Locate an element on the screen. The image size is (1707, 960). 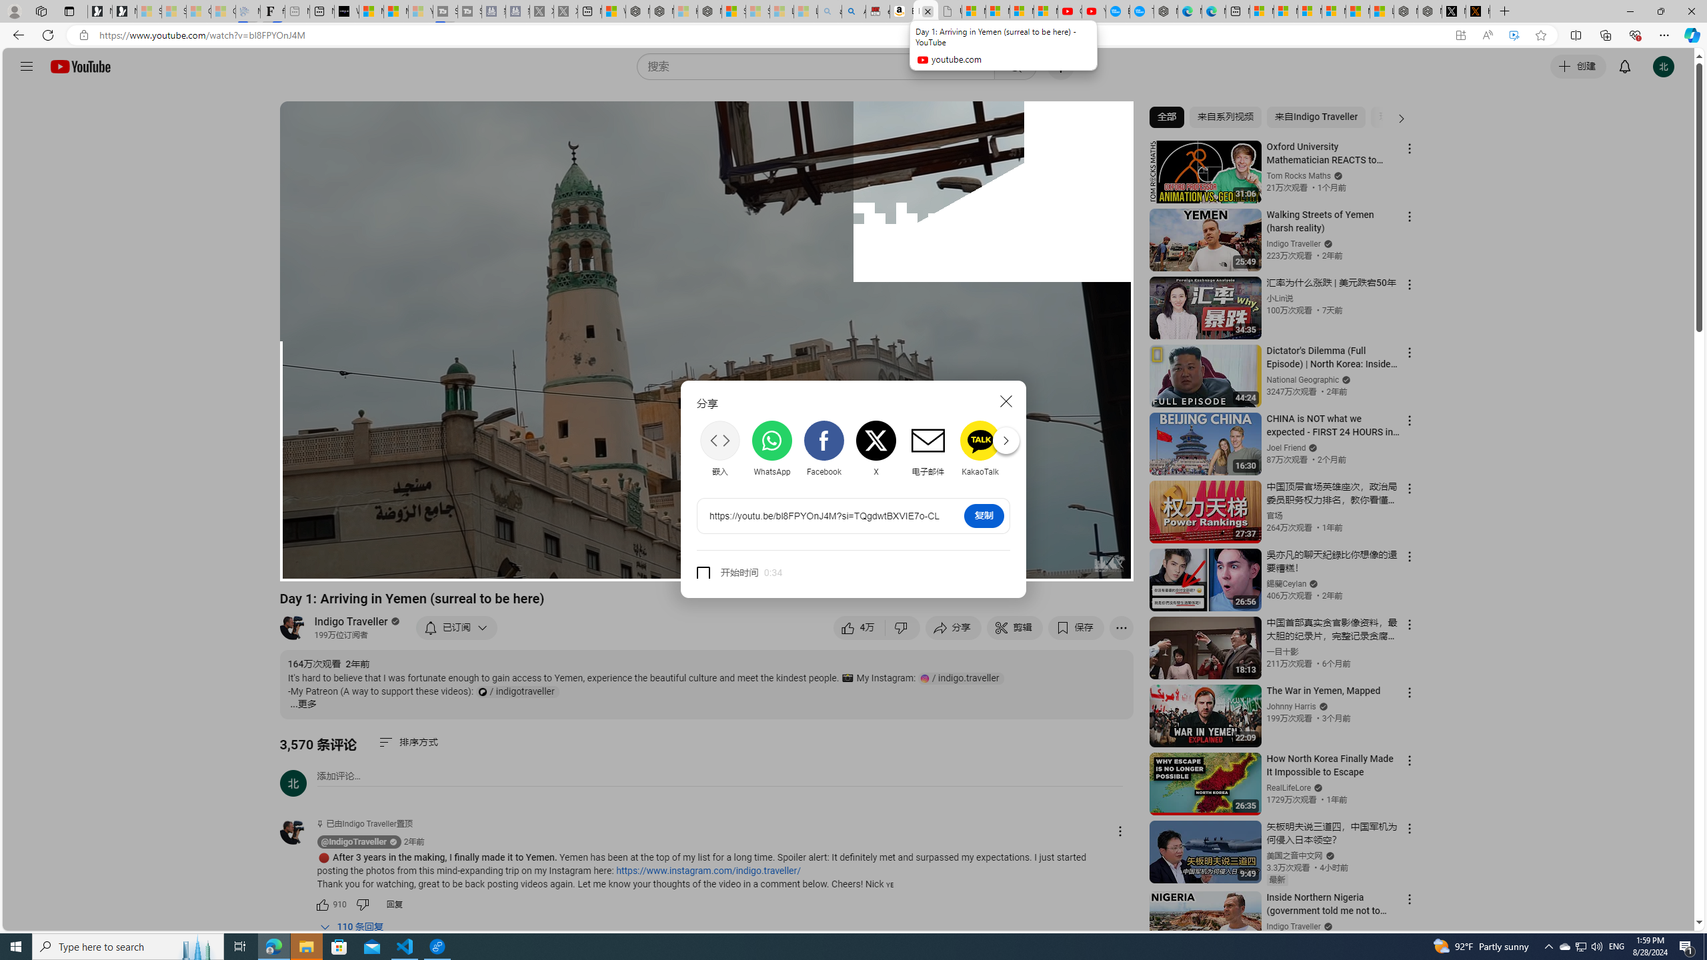
'YouTube Kids - An App Created for Kids to Explore Content' is located at coordinates (1092, 11).